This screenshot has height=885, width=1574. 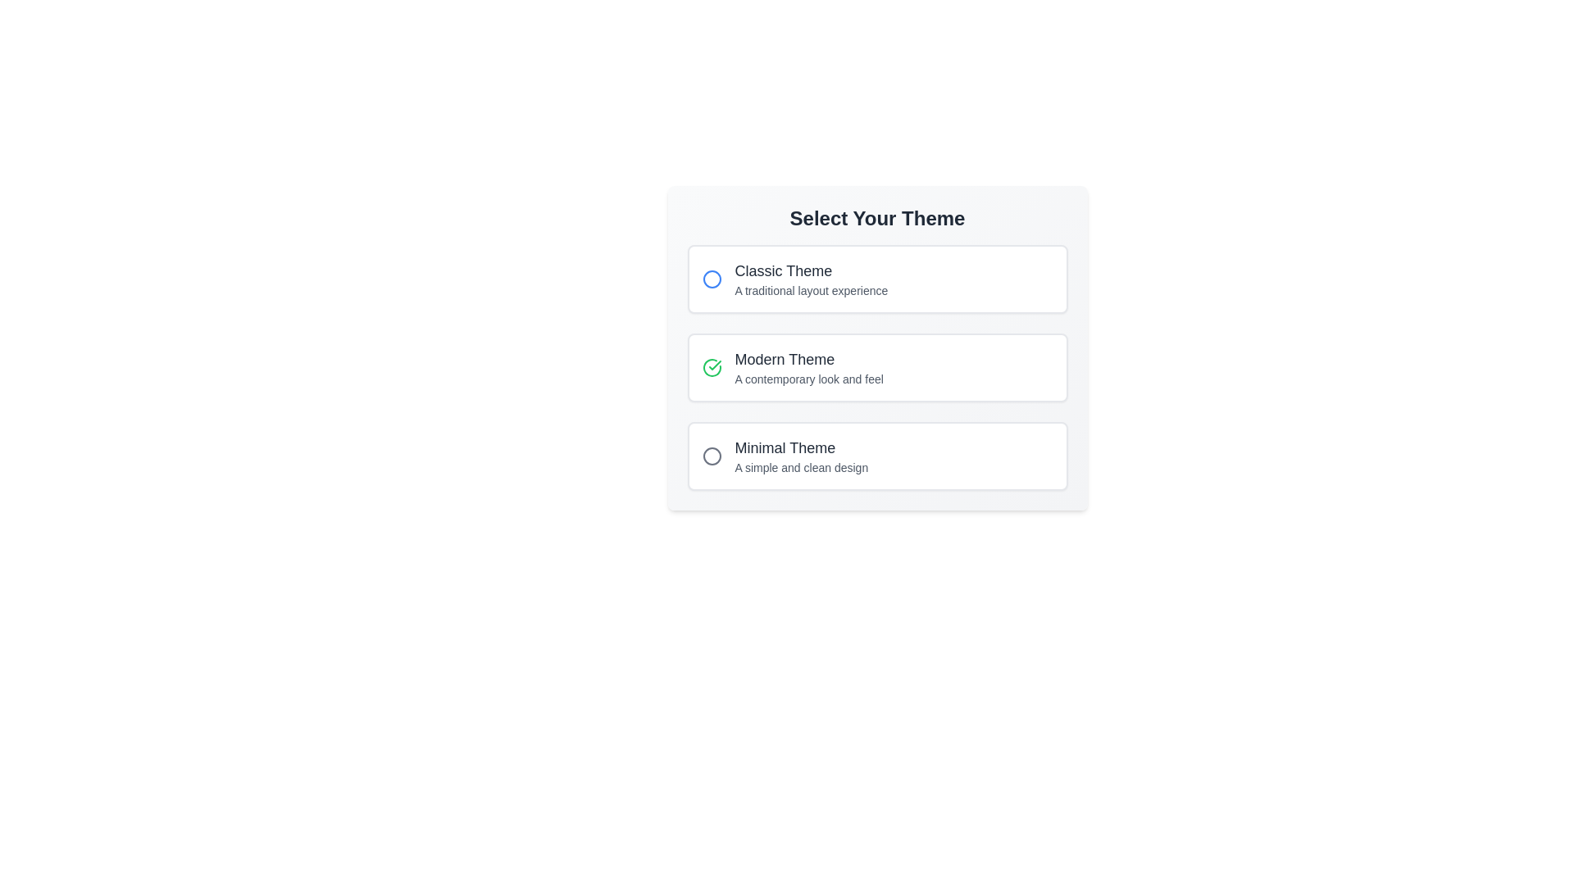 What do you see at coordinates (712, 278) in the screenshot?
I see `the circular icon with a blue outline located to the left of the 'Classic Theme' label in the selectable themes list` at bounding box center [712, 278].